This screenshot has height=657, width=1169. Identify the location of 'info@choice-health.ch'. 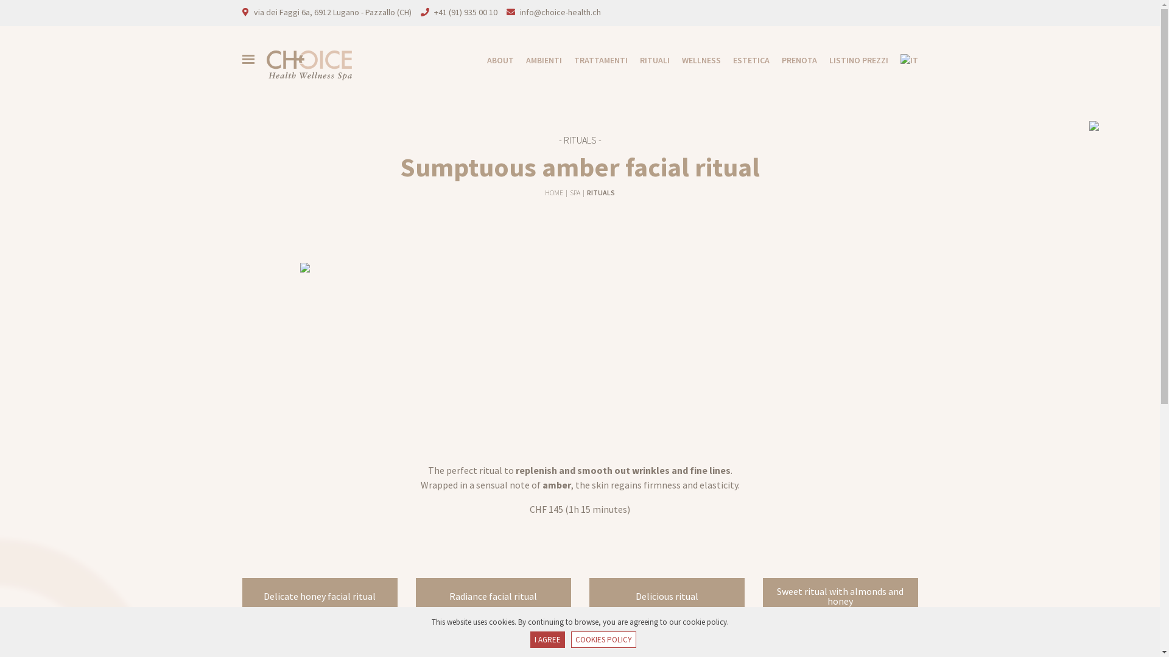
(560, 12).